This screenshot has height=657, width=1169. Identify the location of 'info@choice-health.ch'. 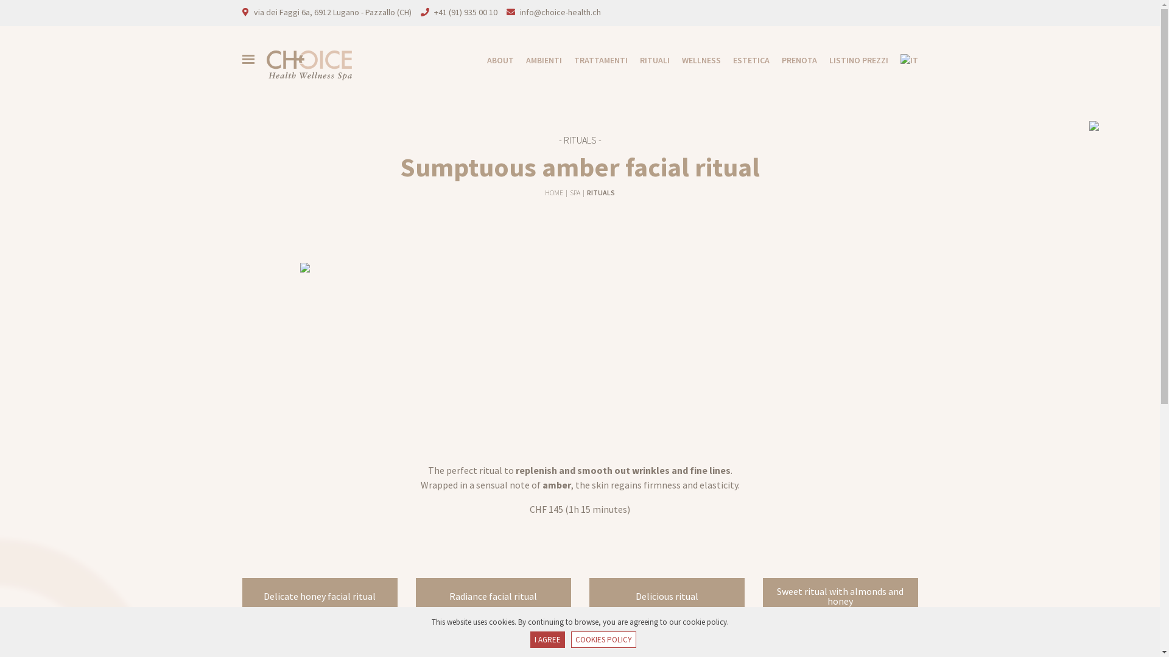
(560, 12).